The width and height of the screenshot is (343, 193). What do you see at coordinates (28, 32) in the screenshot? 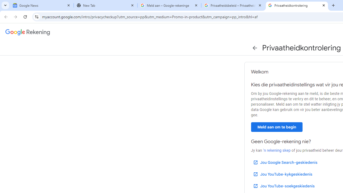
I see `'Google Rekening-instellings'` at bounding box center [28, 32].